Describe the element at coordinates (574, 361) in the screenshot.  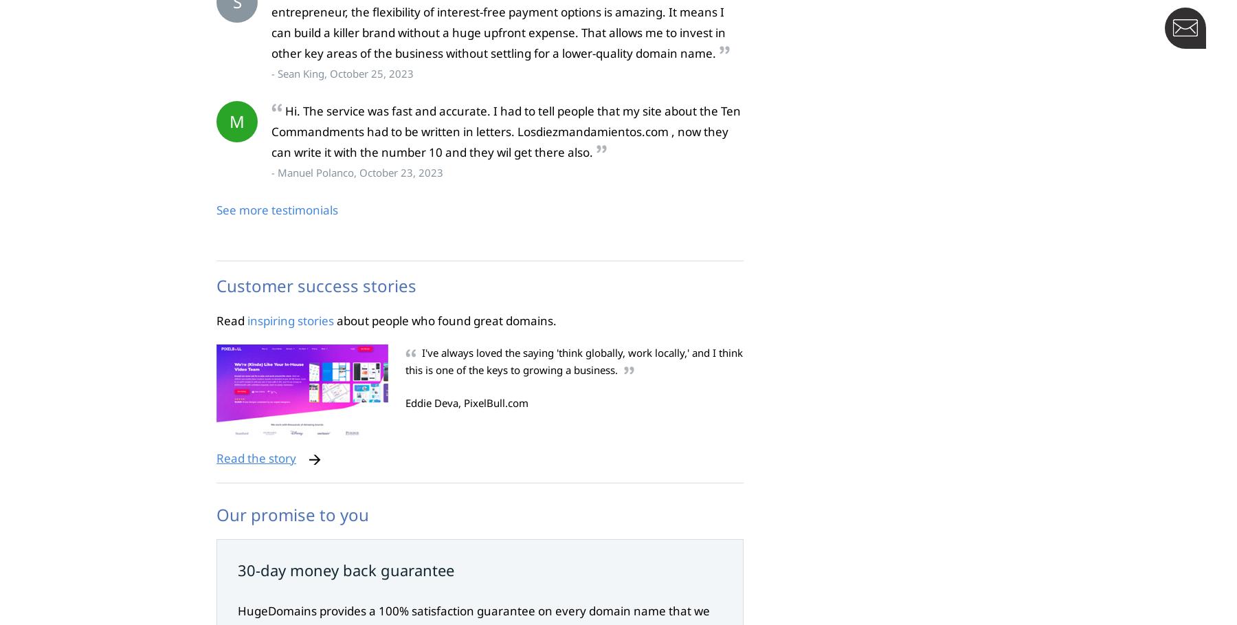
I see `'I've always loved the saying 'think globally, work locally,' and I think this is one of the keys to growing a business.'` at that location.